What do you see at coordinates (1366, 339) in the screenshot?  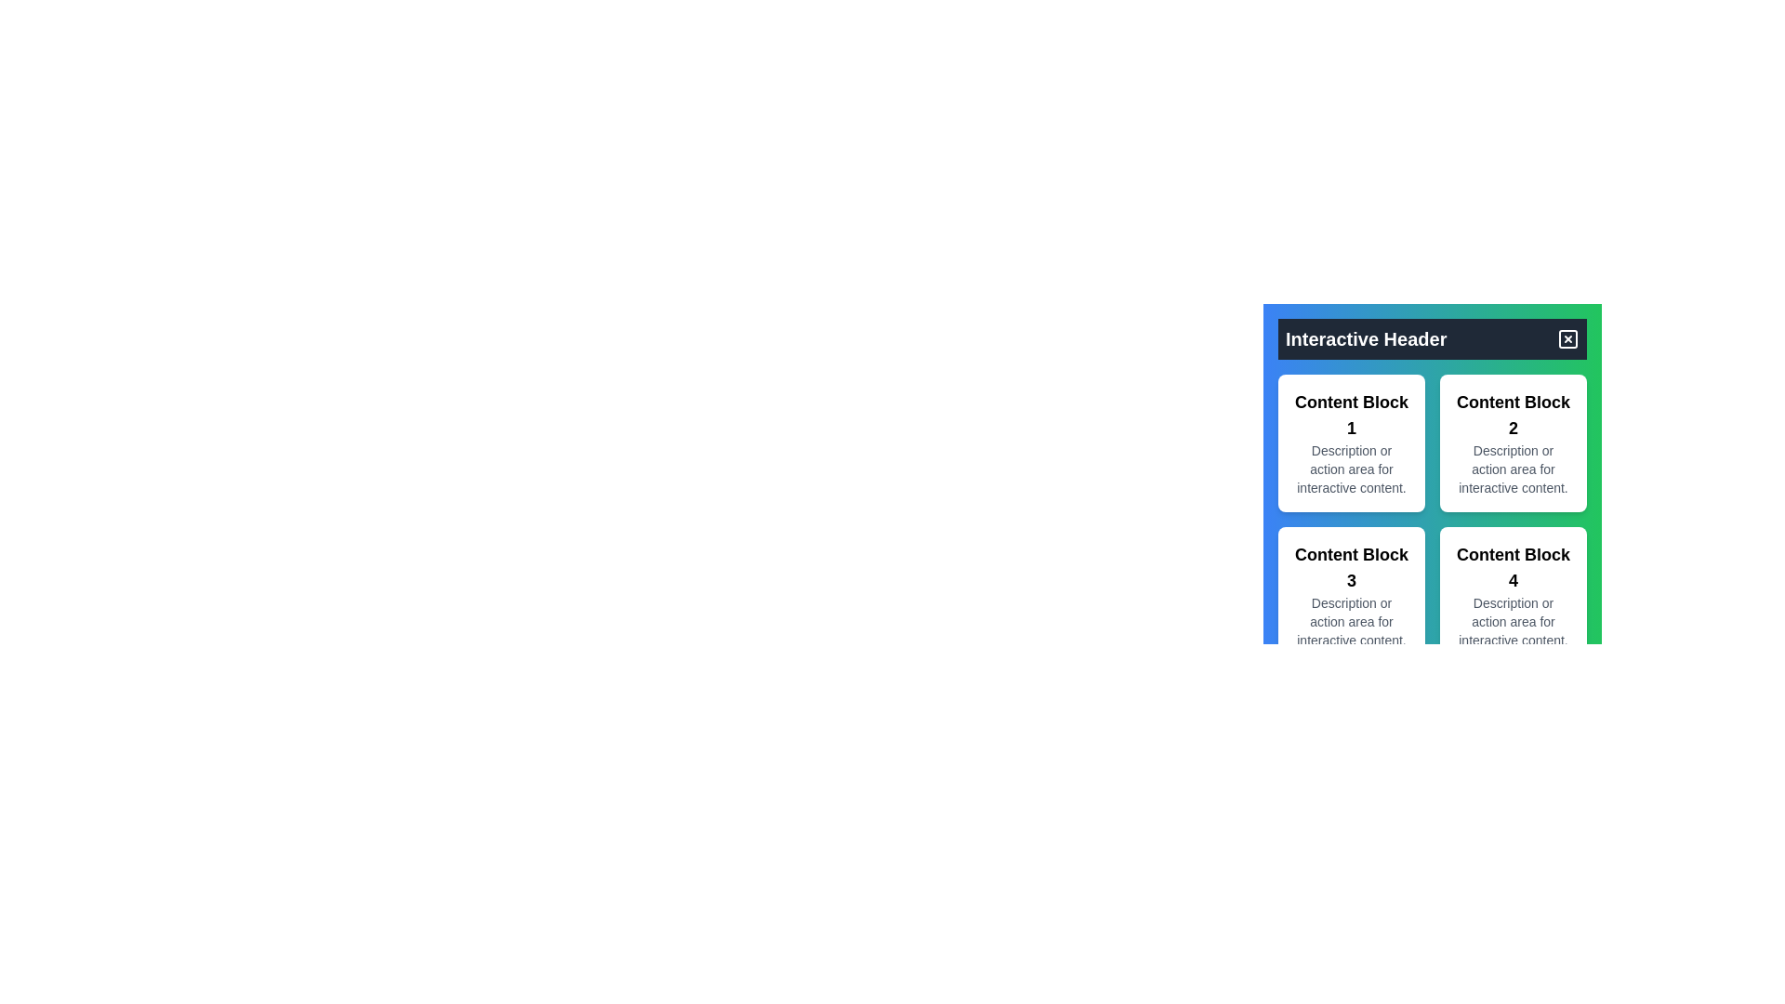 I see `the 'Interactive Header' text element, which is bold and large, displayed in white over a dark background` at bounding box center [1366, 339].